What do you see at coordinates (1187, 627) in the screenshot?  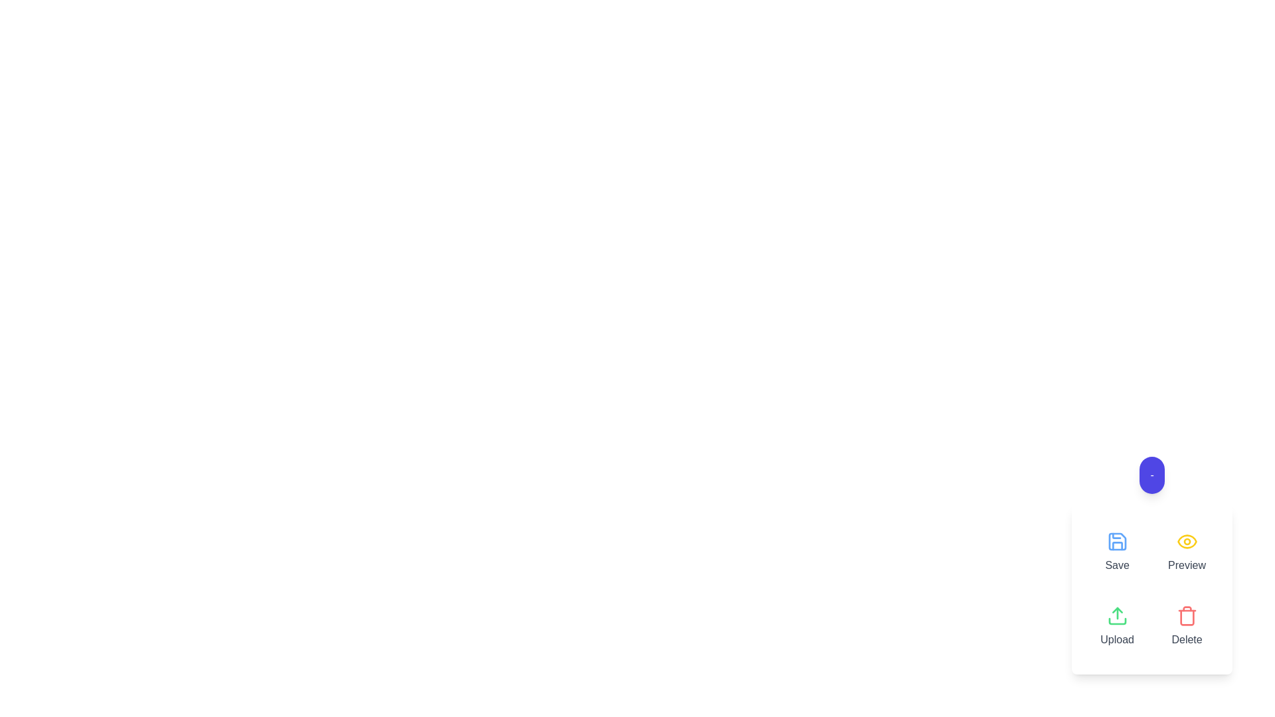 I see `the Delete button to delete an item` at bounding box center [1187, 627].